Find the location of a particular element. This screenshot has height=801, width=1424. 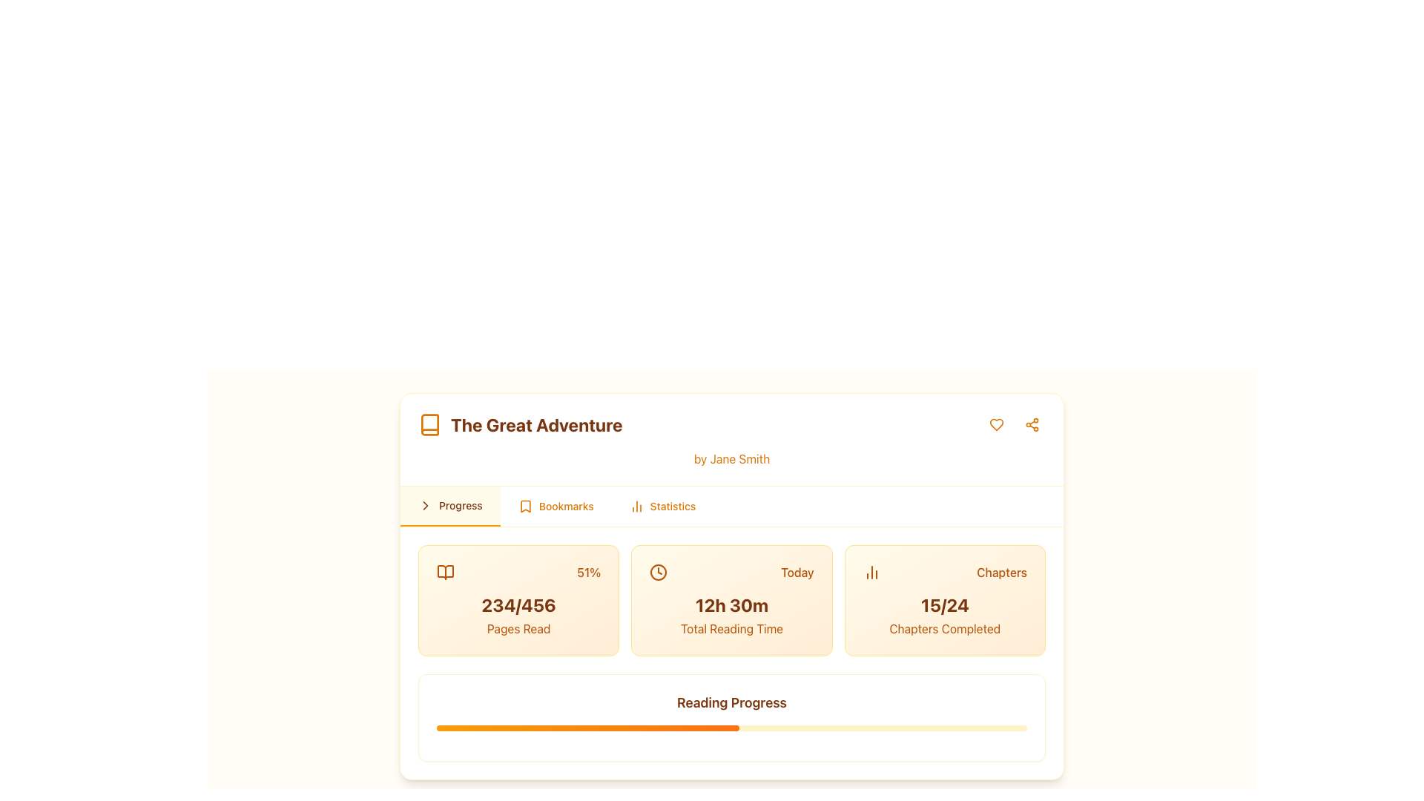

the Informational card that displays the user's reading progress, located at the first position on the left within a grid layout of three cards is located at coordinates (518, 601).